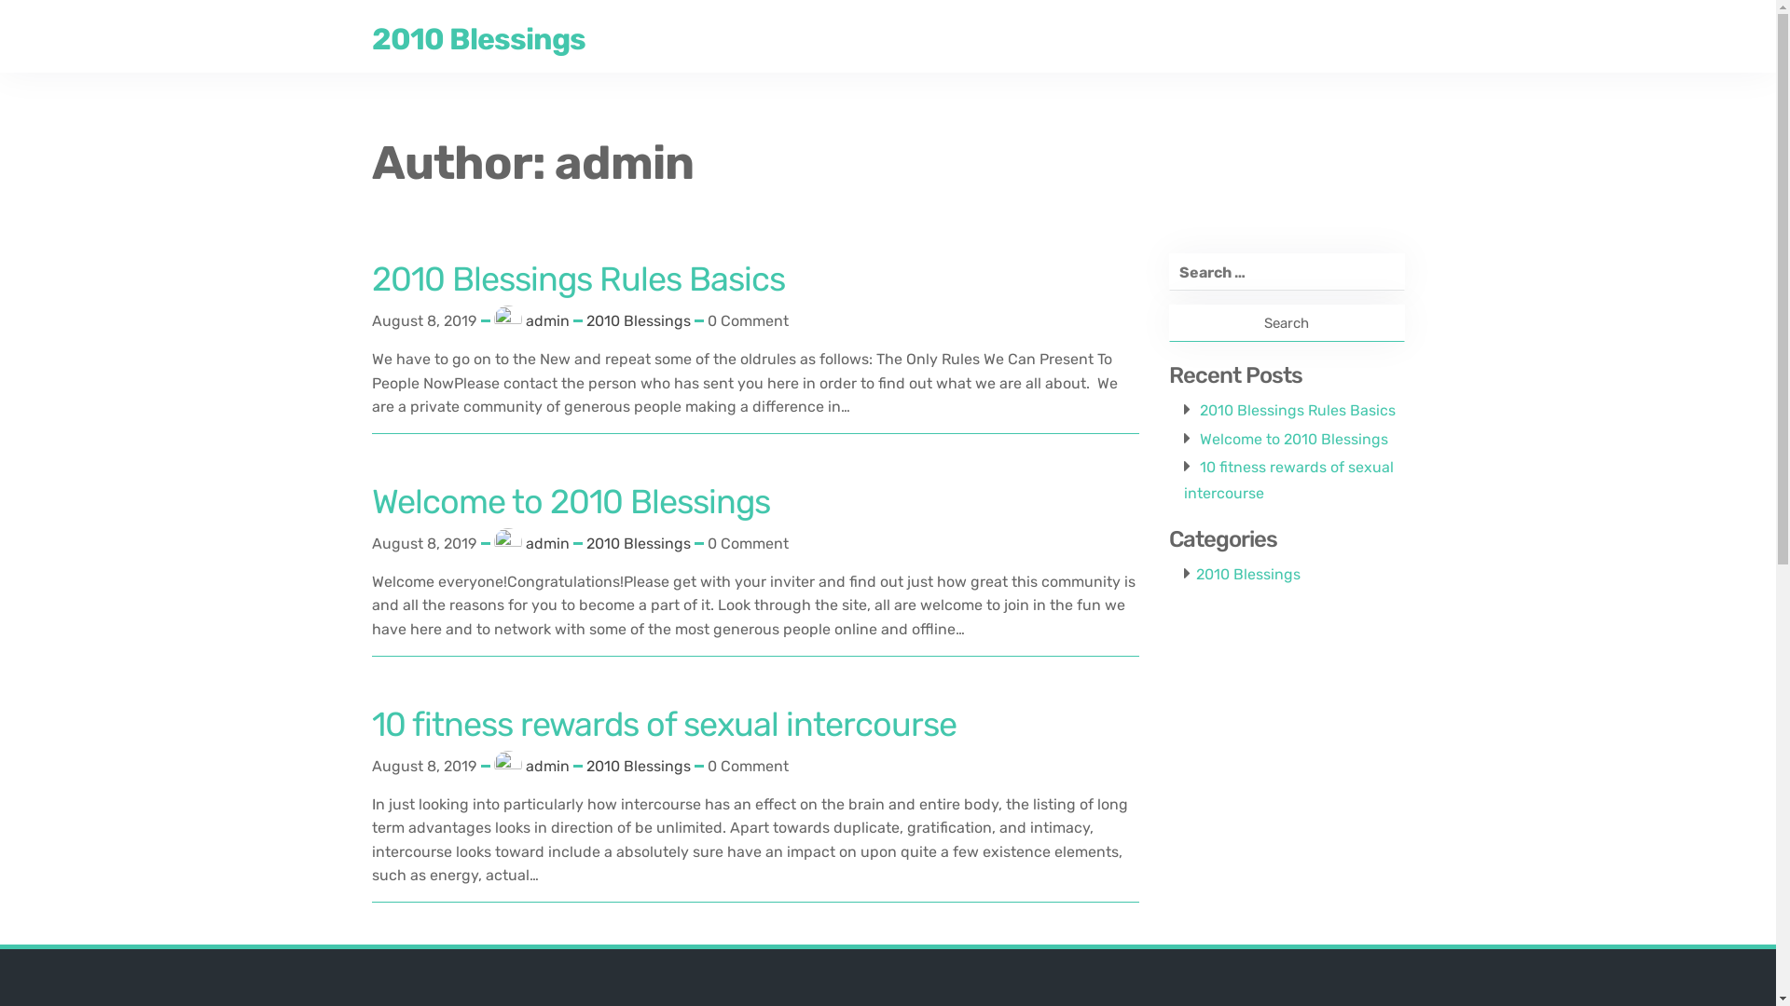 This screenshot has width=1790, height=1006. Describe the element at coordinates (1167, 322) in the screenshot. I see `'Search'` at that location.